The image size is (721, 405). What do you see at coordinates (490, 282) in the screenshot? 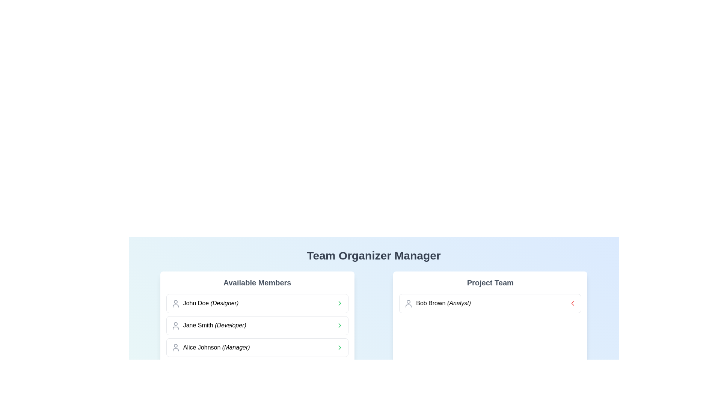
I see `the 'Project Team' heading, which is styled in bold and gray, located at the top of the card containing team members` at bounding box center [490, 282].